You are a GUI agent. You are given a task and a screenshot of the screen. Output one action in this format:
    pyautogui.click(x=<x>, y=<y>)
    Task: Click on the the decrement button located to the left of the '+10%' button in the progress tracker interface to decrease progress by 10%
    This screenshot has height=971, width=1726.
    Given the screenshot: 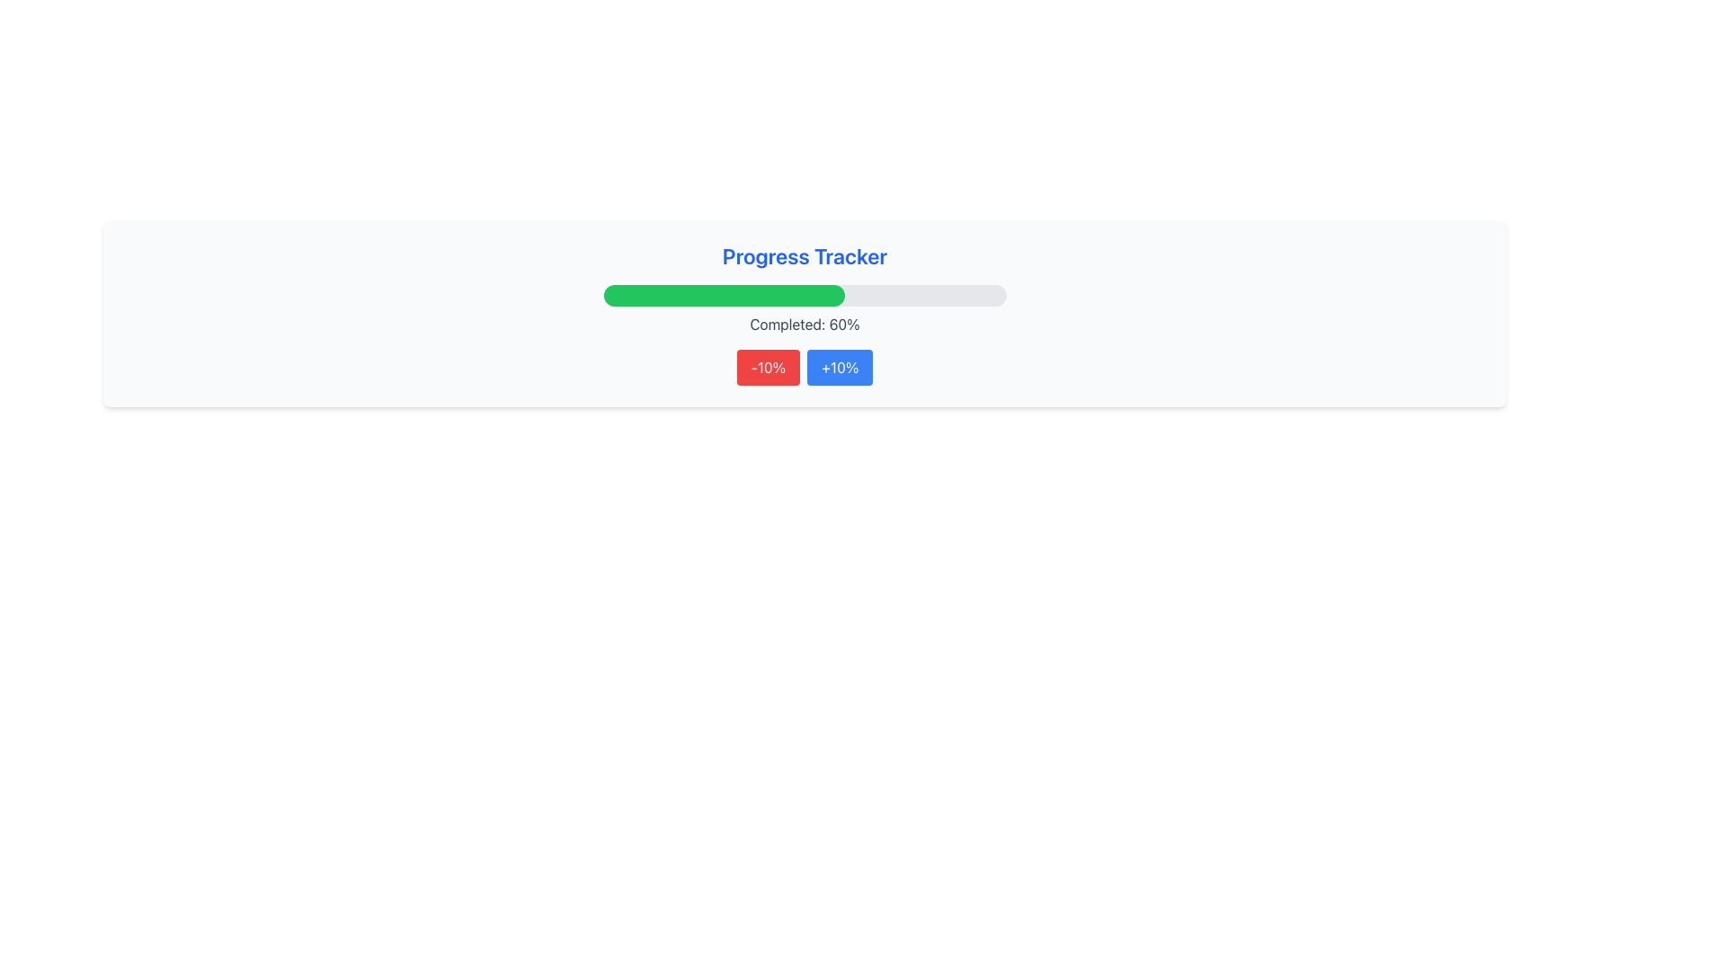 What is the action you would take?
    pyautogui.click(x=768, y=366)
    